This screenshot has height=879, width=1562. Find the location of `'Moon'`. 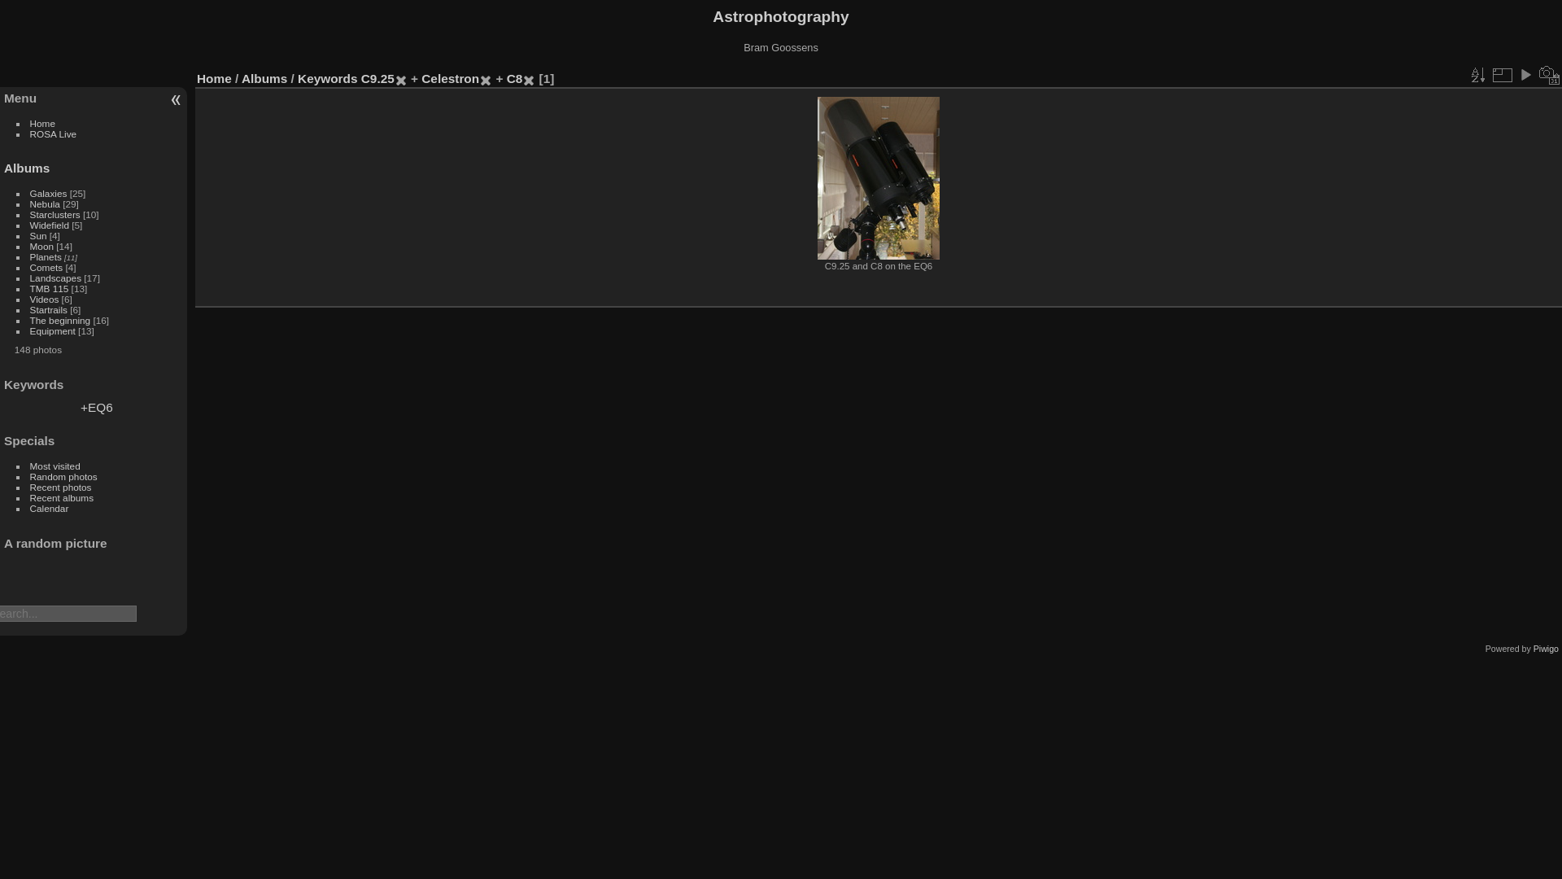

'Moon' is located at coordinates (41, 246).